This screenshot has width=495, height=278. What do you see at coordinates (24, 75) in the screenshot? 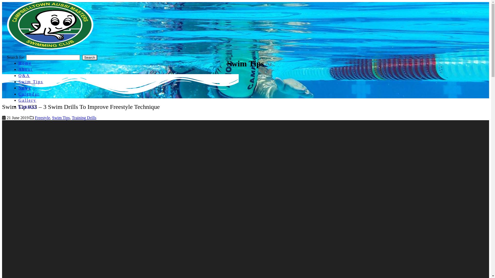
I see `'Q&A'` at bounding box center [24, 75].